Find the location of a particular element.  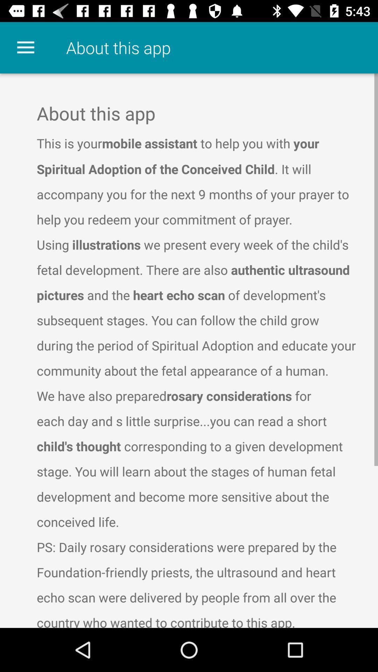

the item at the top left corner is located at coordinates (25, 47).